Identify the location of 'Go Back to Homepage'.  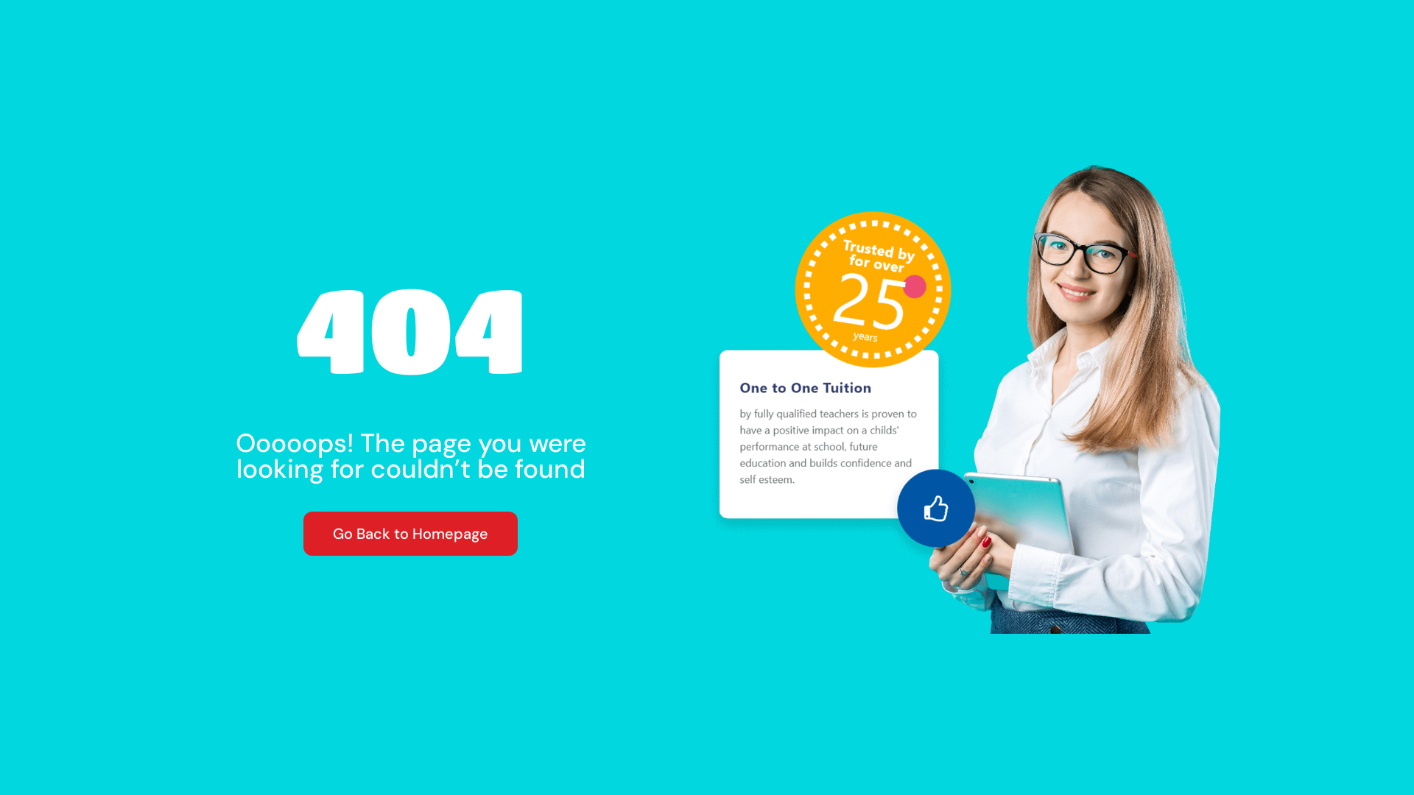
(410, 534).